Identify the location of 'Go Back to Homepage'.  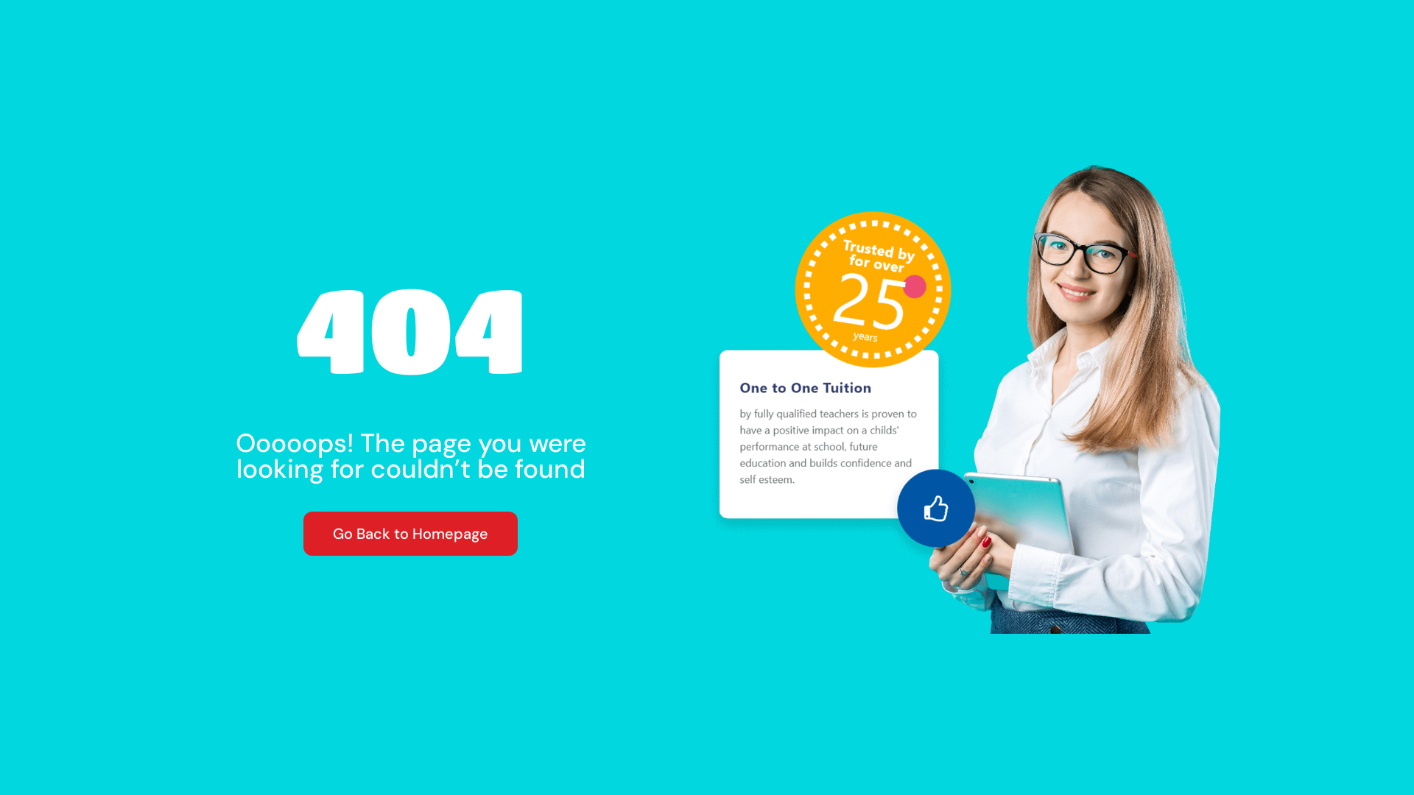
(410, 534).